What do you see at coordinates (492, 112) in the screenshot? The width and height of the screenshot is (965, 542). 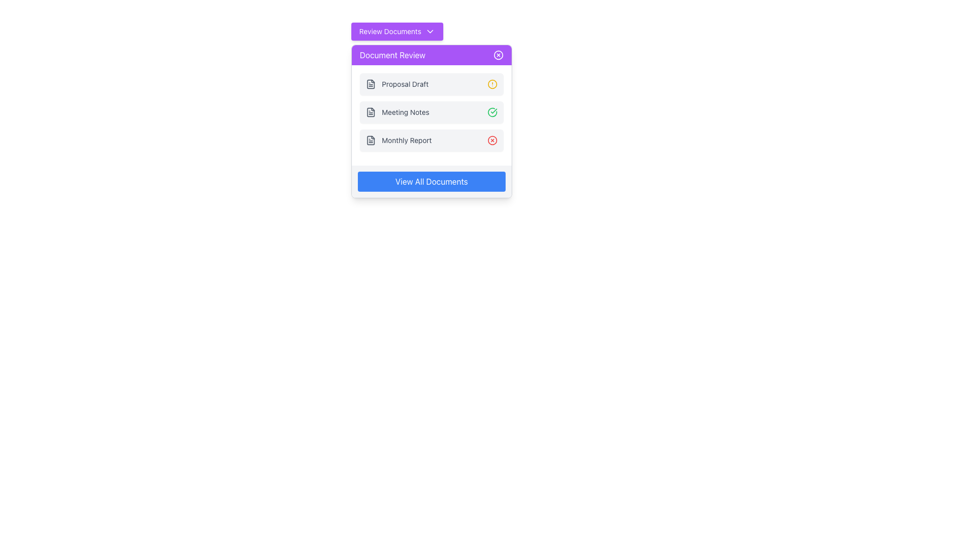 I see `the static icon indicating the completed status of the 'Meeting Notes' item in the 'Document Review' section, located to the right of the row's text content` at bounding box center [492, 112].